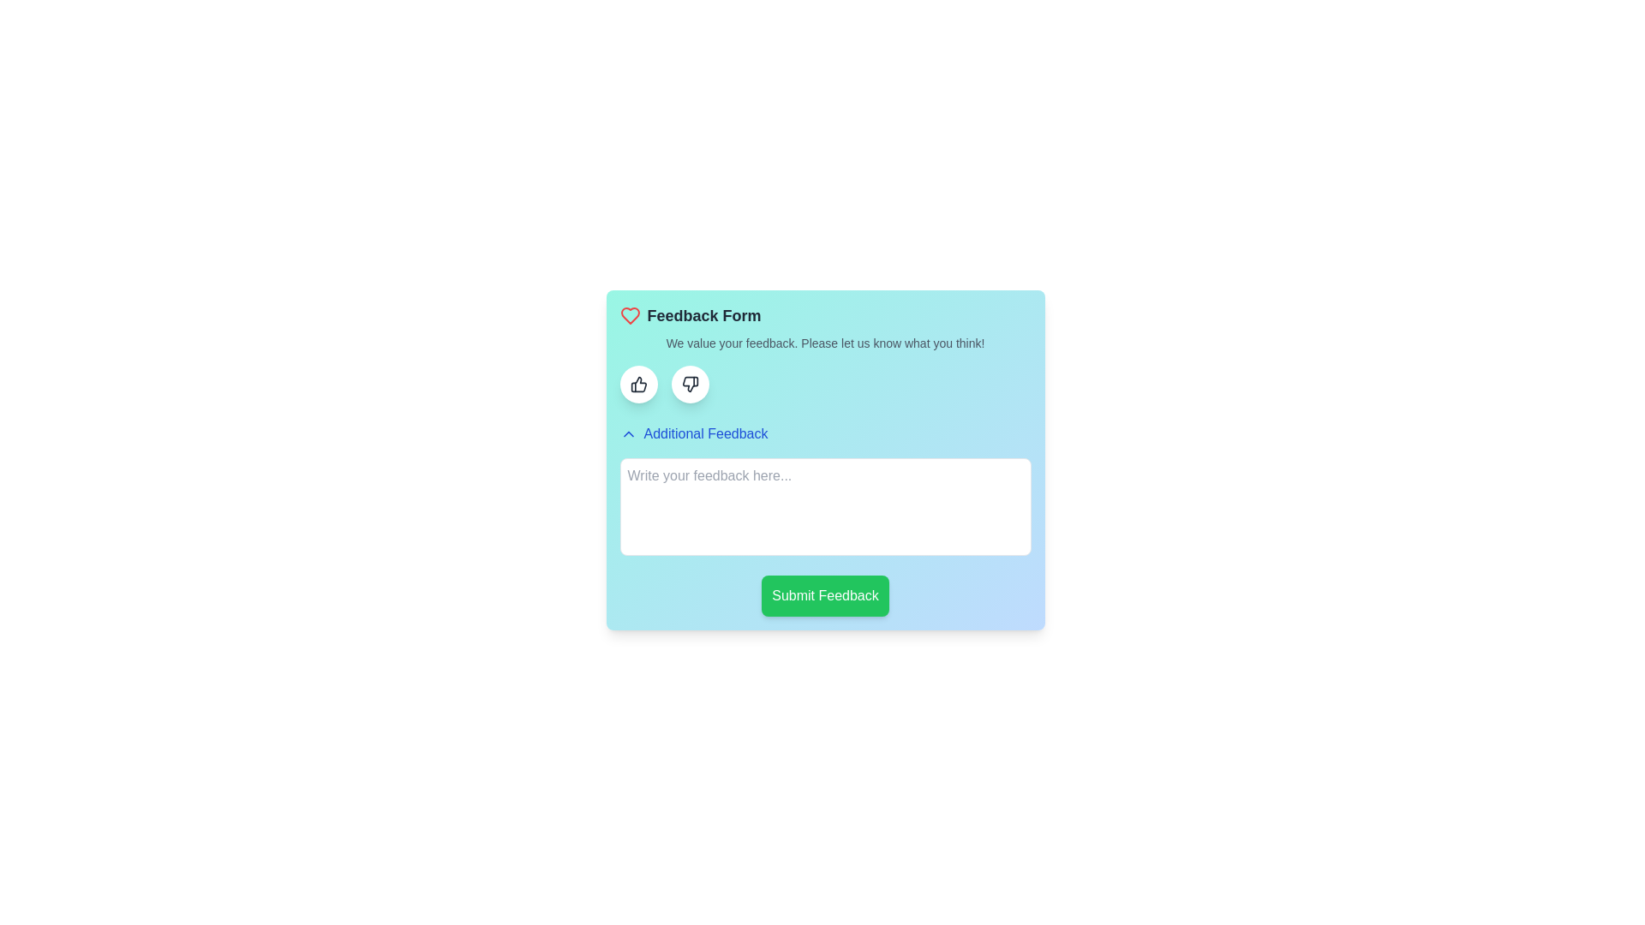 The image size is (1645, 925). I want to click on the thumbs-down icon in the Feedback Form, so click(690, 383).